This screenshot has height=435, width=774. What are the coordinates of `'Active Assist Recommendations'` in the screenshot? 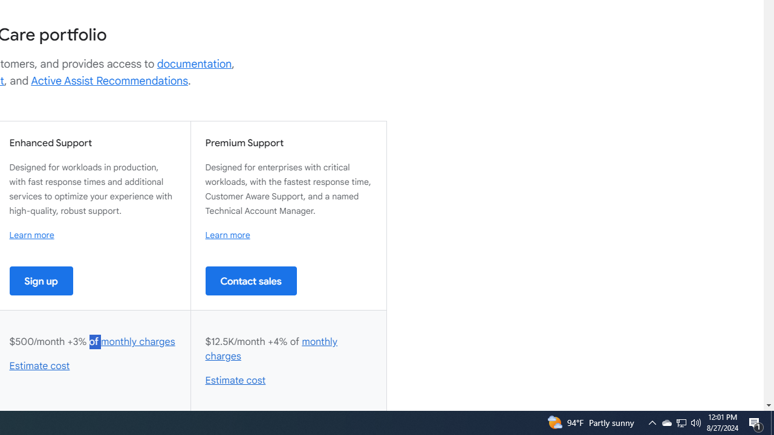 It's located at (109, 80).